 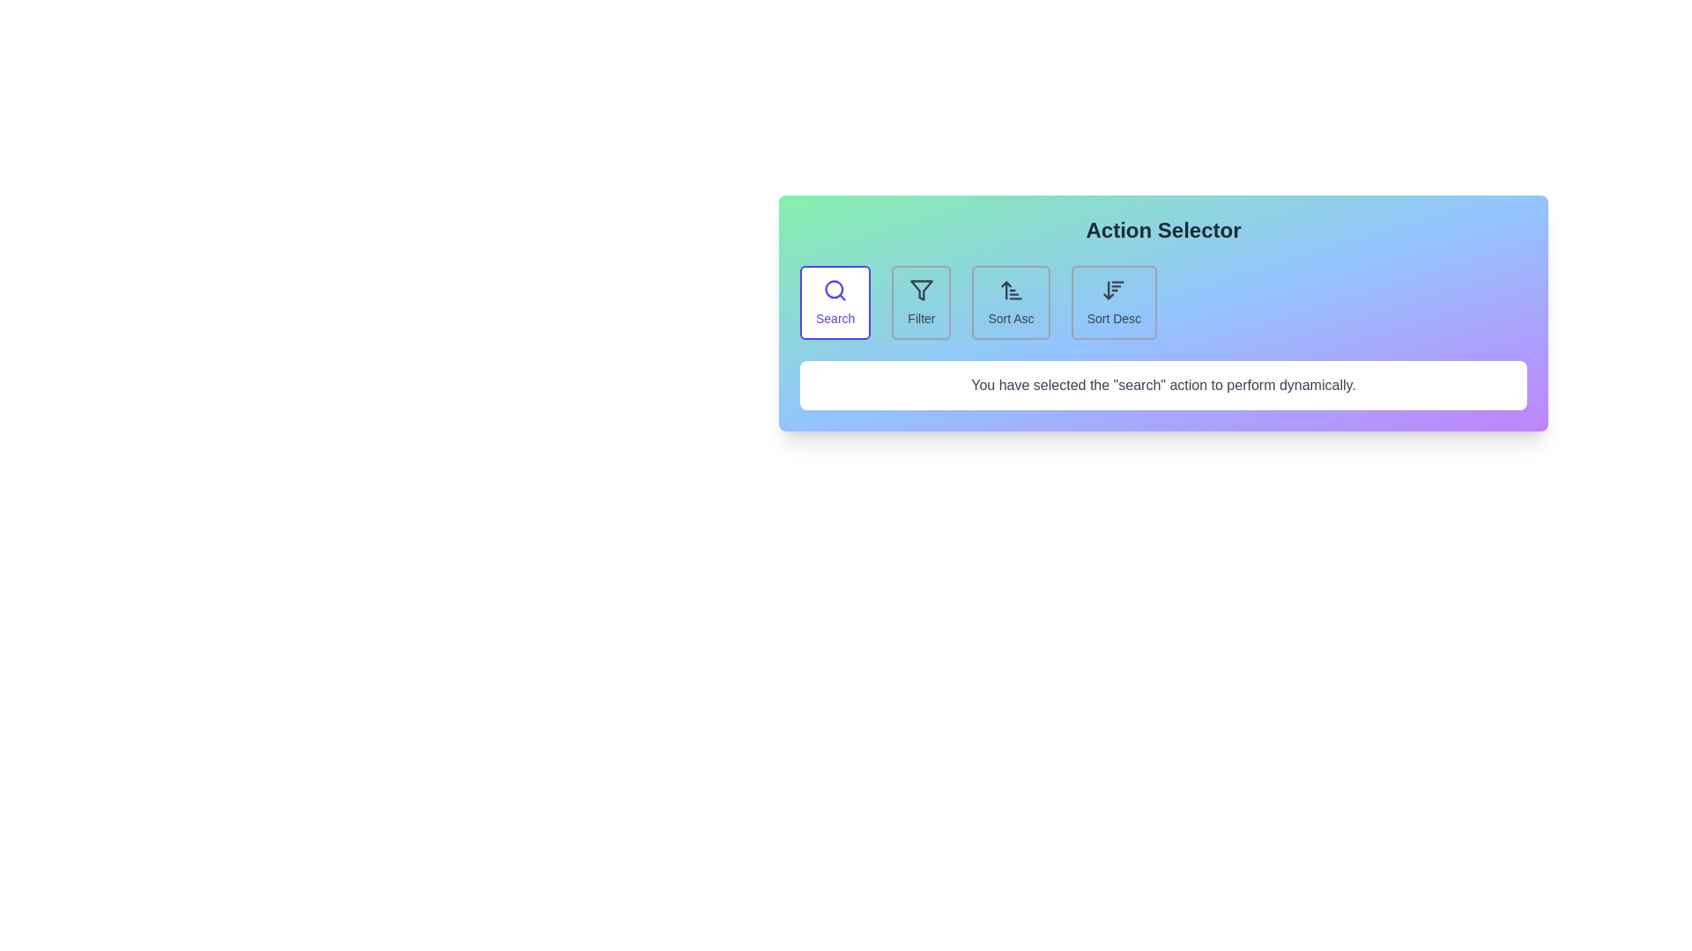 What do you see at coordinates (1011, 290) in the screenshot?
I see `the sorting icon located within the 'Sort Asc' button, which is the third button in a row of four inside the 'Action Selector' panel` at bounding box center [1011, 290].